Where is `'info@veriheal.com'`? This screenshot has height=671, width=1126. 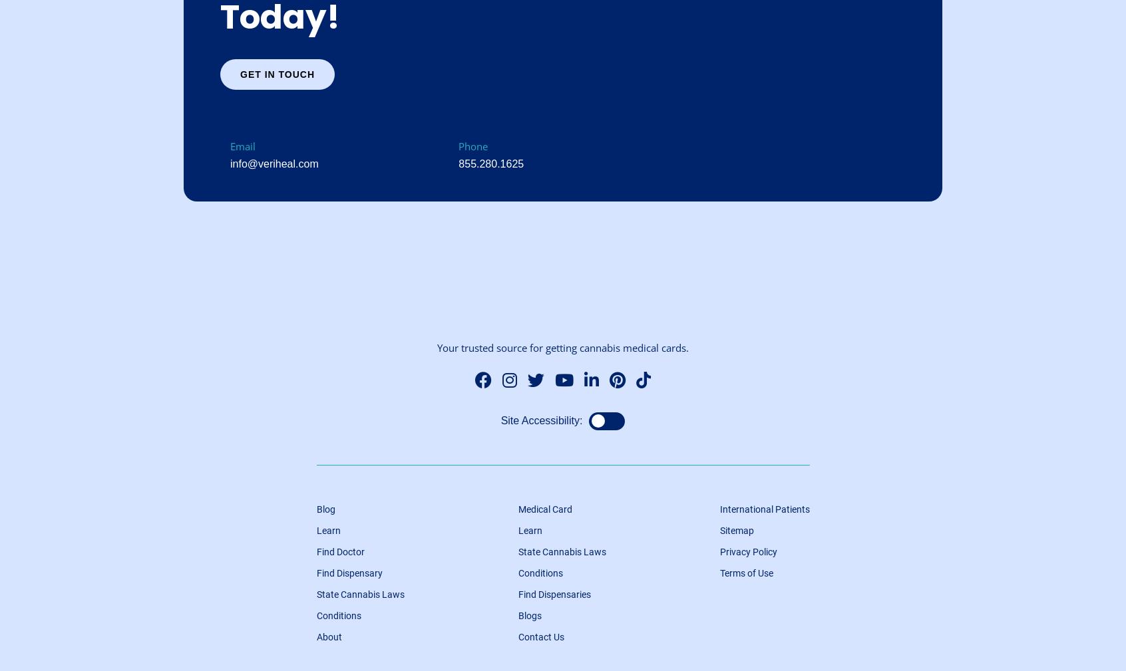
'info@veriheal.com' is located at coordinates (274, 163).